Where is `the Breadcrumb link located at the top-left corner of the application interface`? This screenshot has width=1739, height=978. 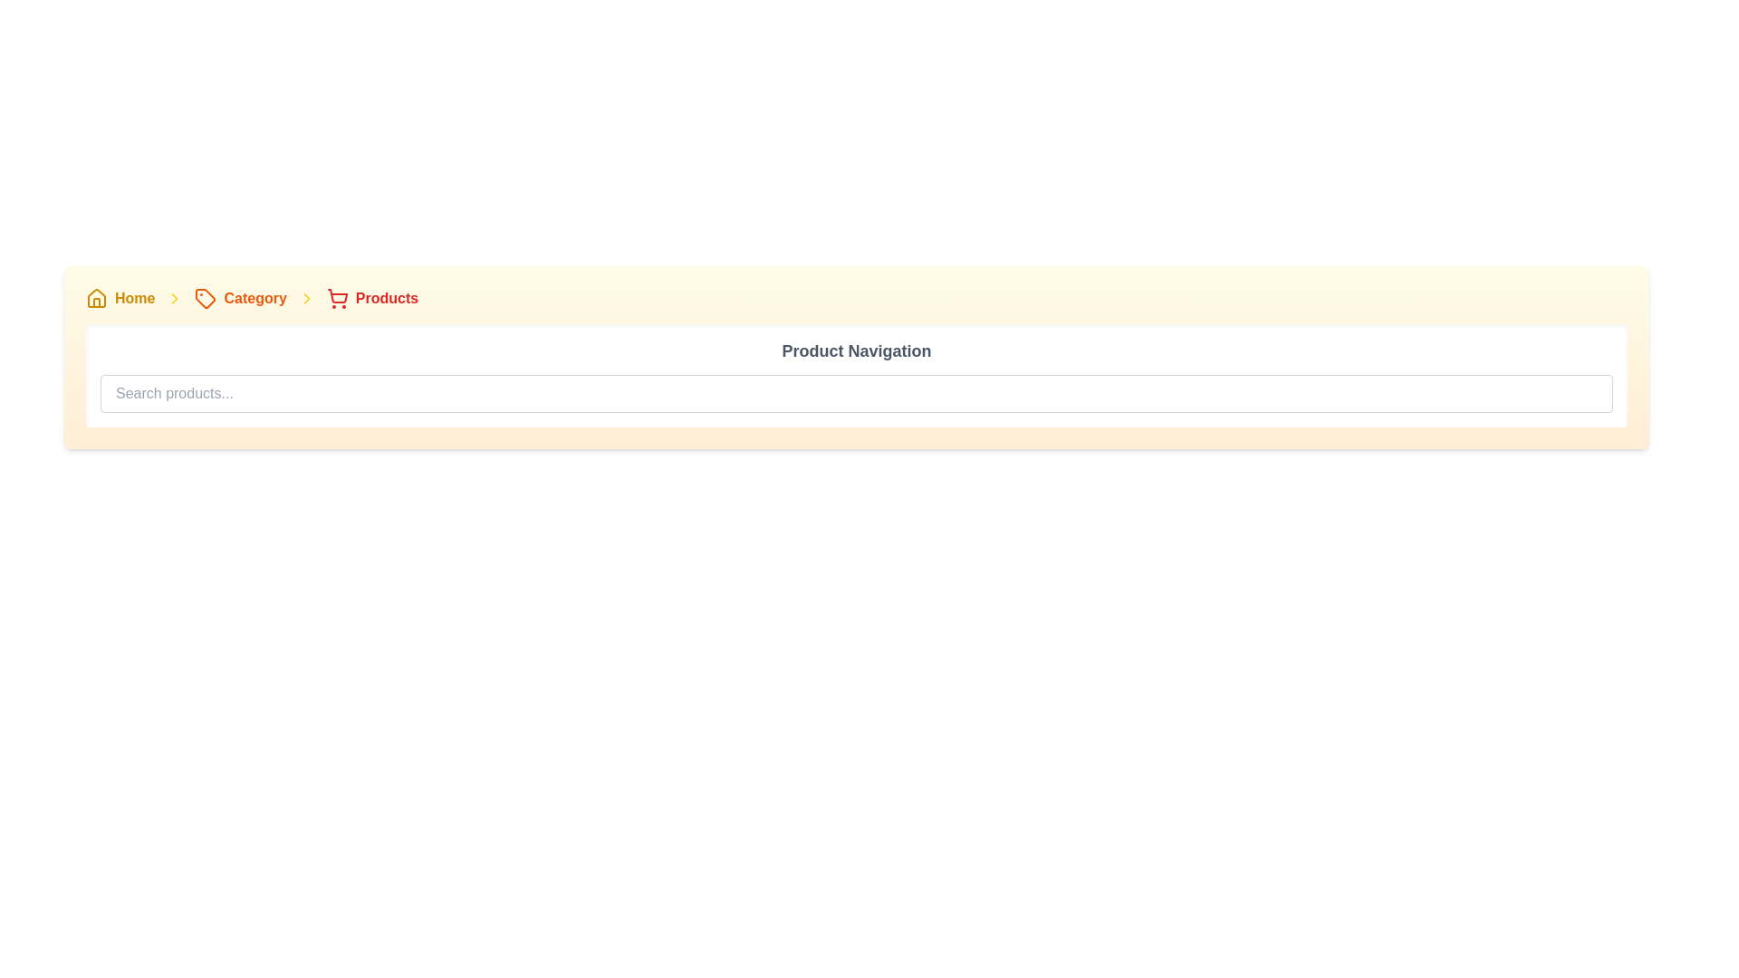
the Breadcrumb link located at the top-left corner of the application interface is located at coordinates (120, 298).